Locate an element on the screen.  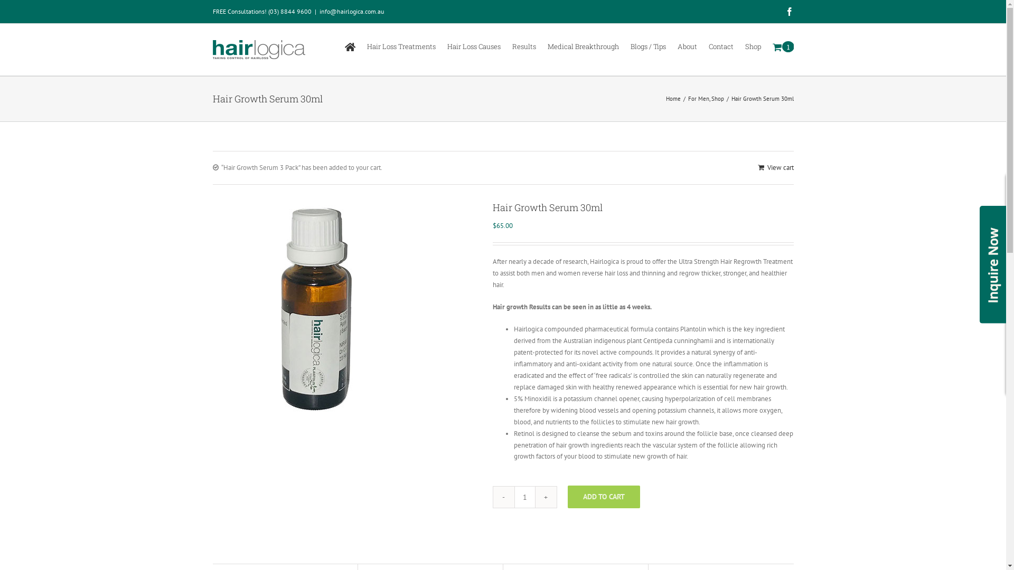
'Contact' is located at coordinates (720, 45).